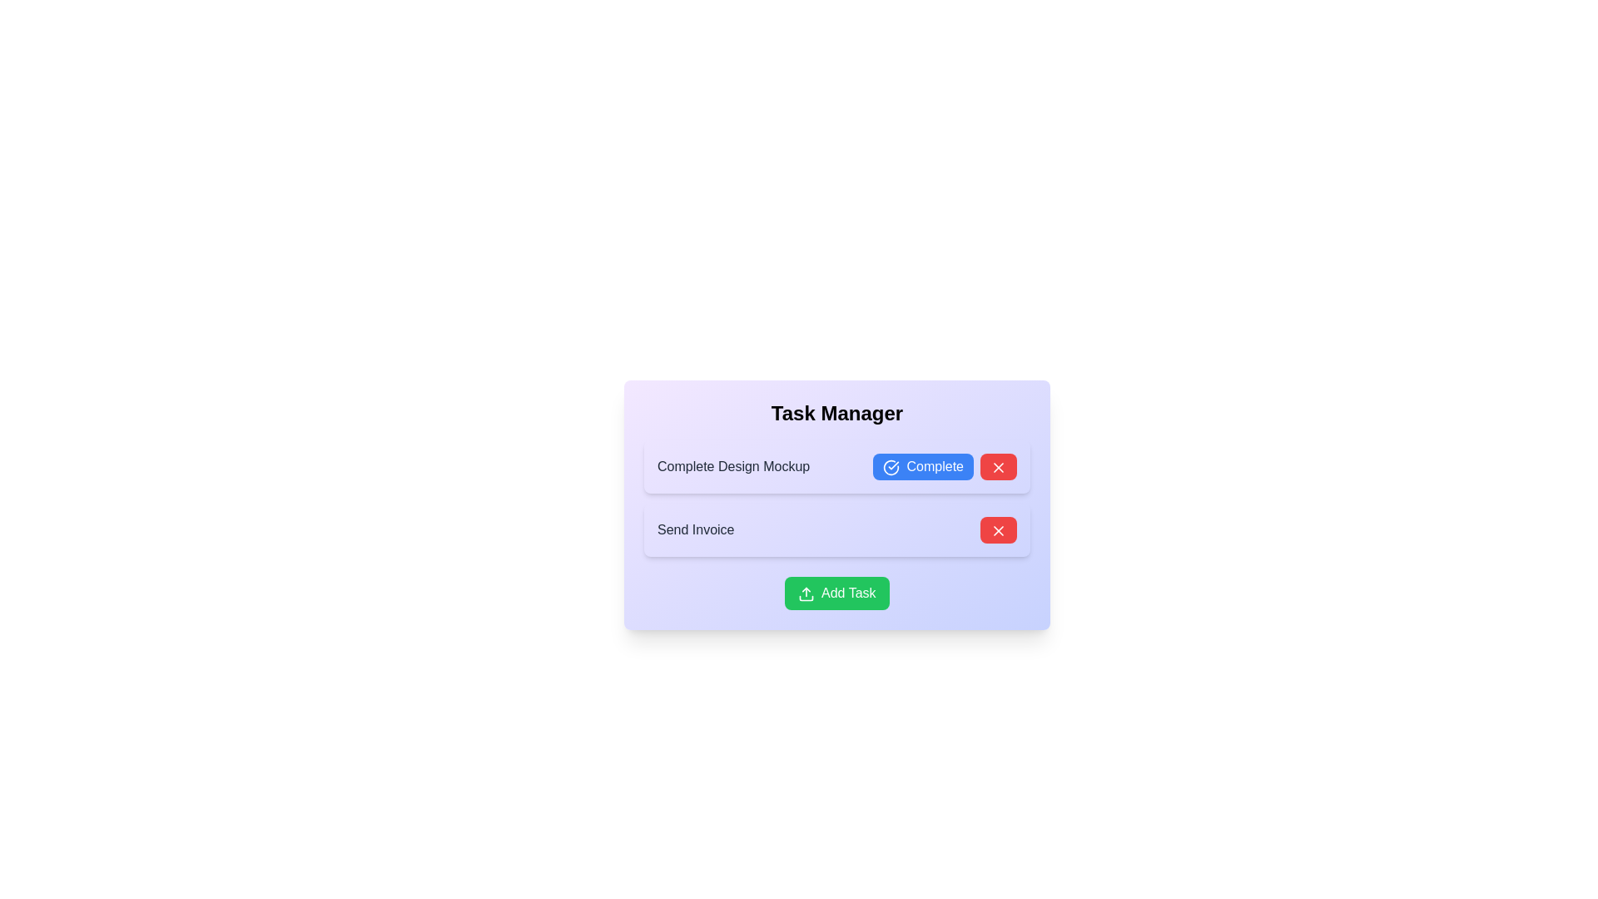 The width and height of the screenshot is (1598, 899). I want to click on the small green icon depicting an upward-pointing arrow located to the left of the 'Add Task' text on the green button, so click(806, 593).